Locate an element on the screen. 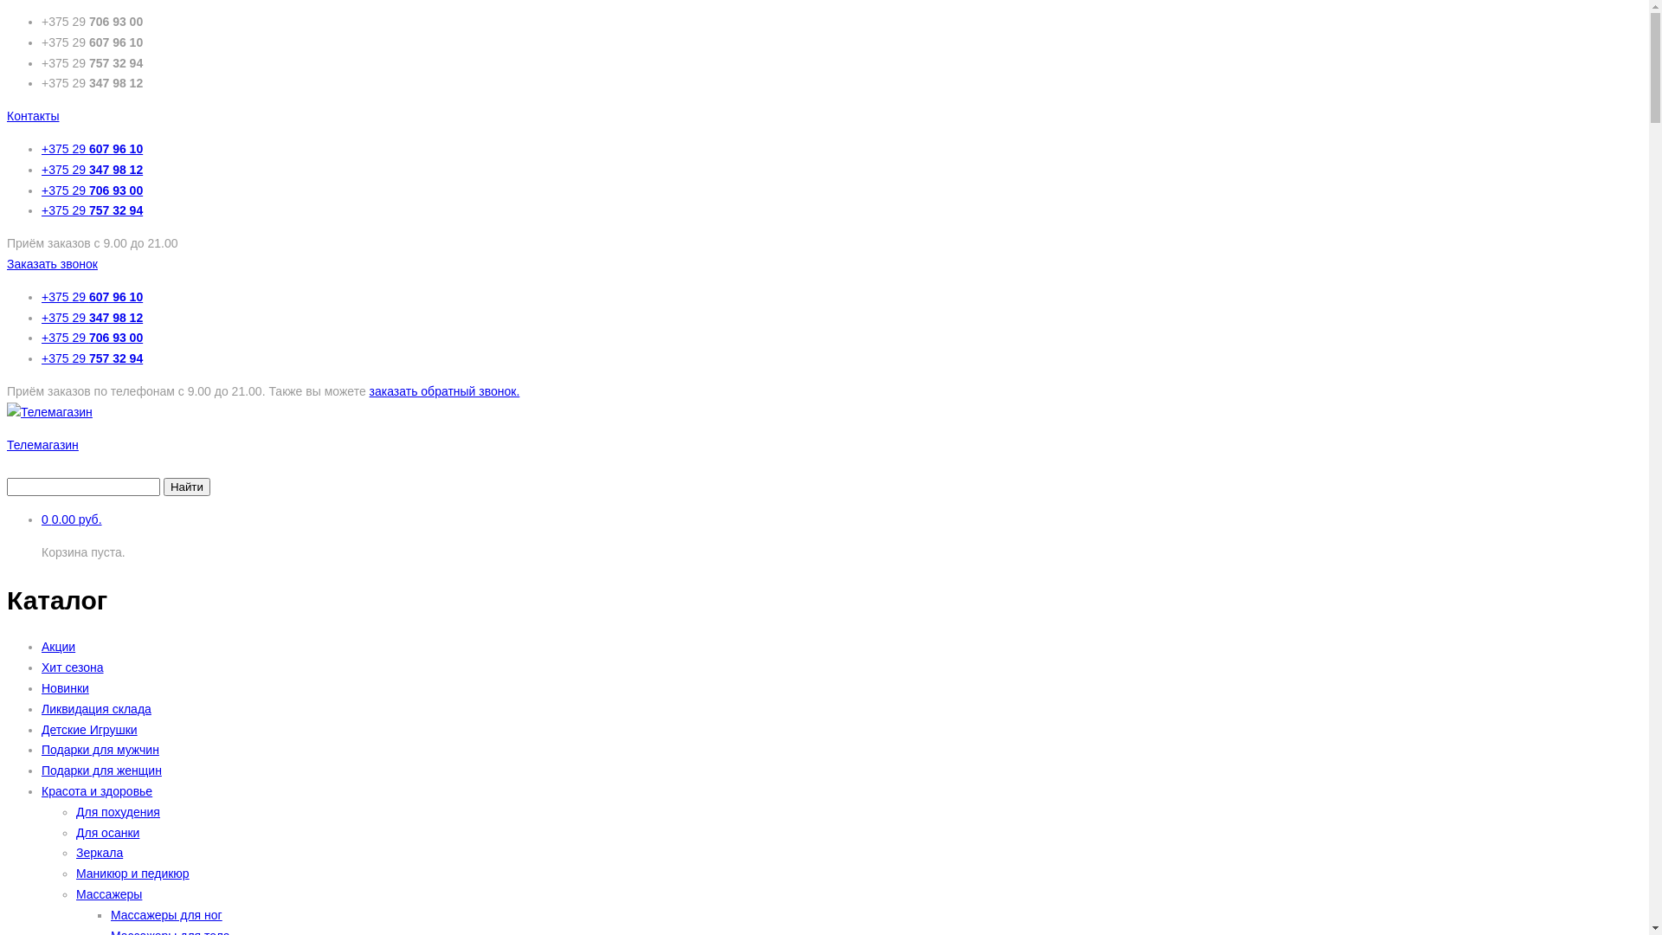  '+375 29 757 32 94' is located at coordinates (91, 210).